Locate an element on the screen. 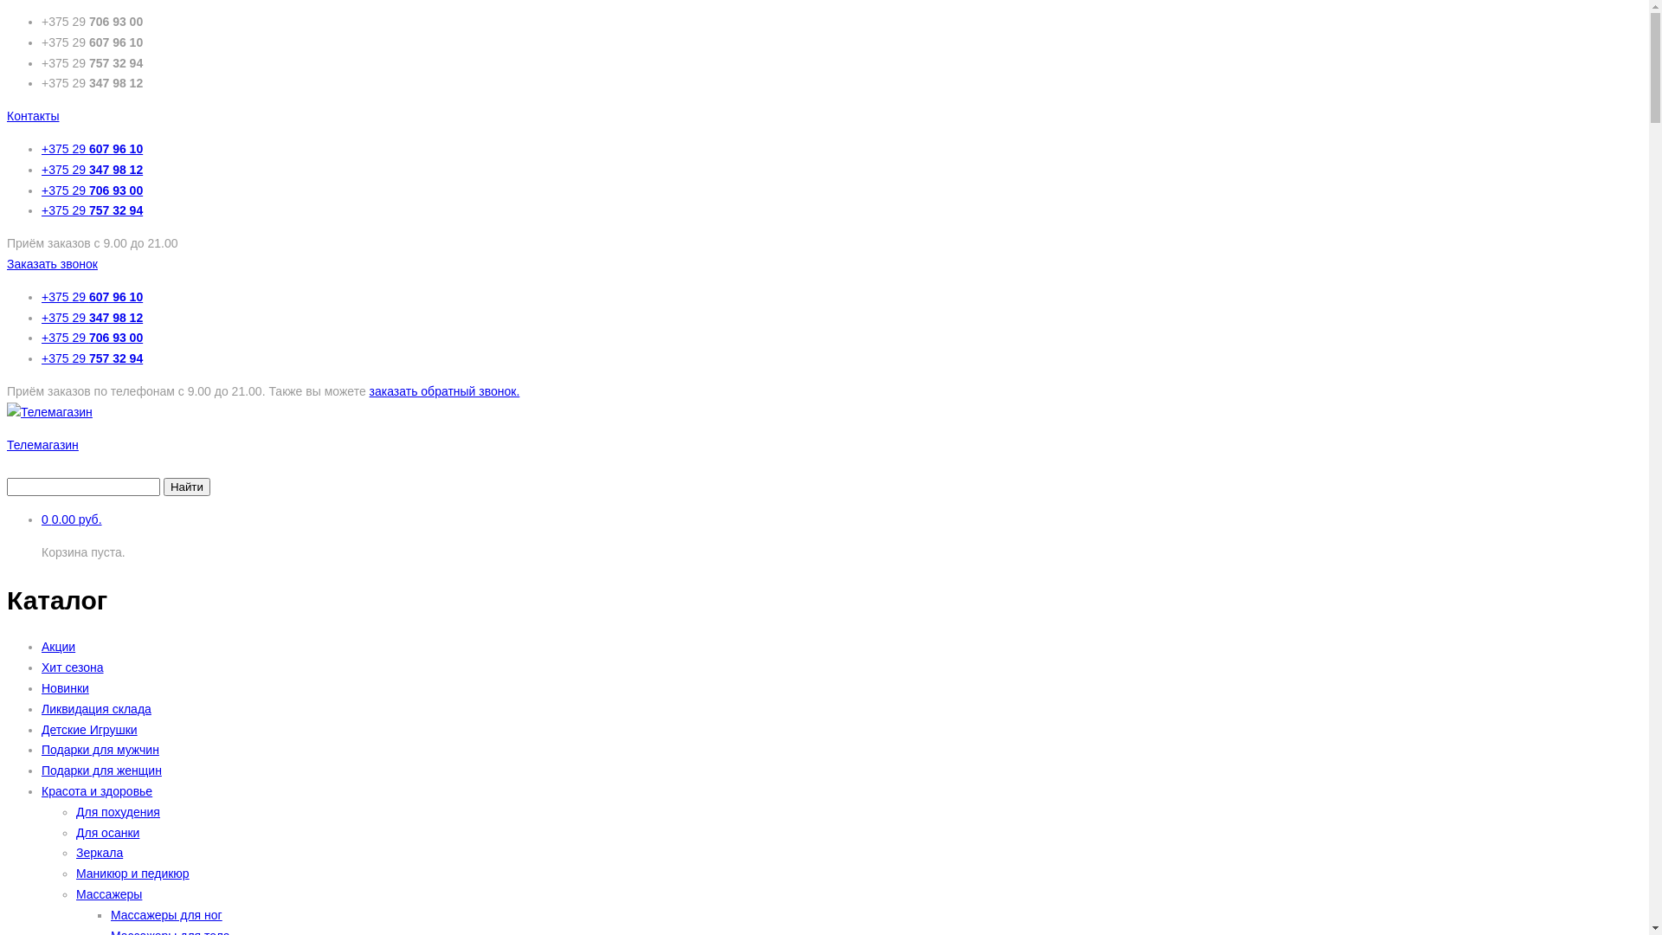  '+375 29 757 32 94' is located at coordinates (91, 210).